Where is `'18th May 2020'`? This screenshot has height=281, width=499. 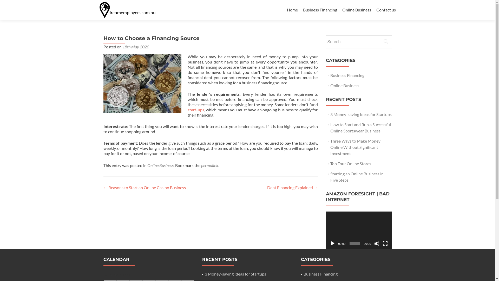
'18th May 2020' is located at coordinates (135, 46).